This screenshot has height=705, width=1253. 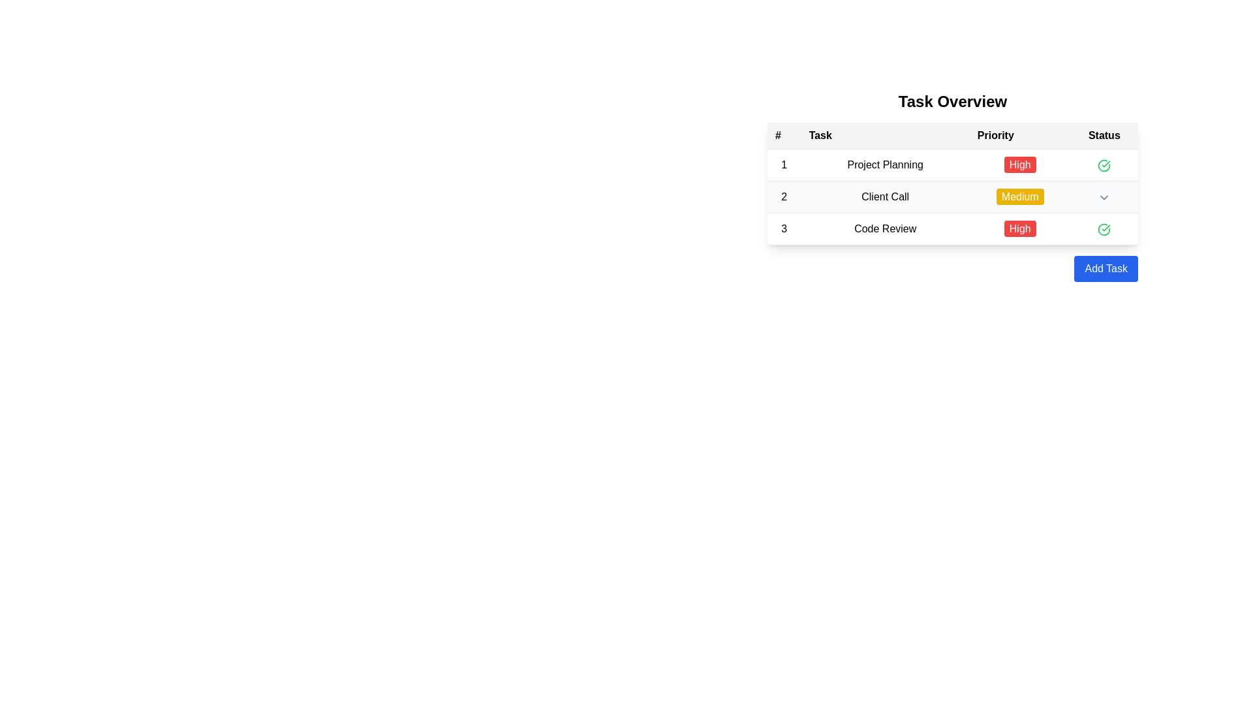 What do you see at coordinates (1019, 196) in the screenshot?
I see `the rectangular button with a yellow background labeled 'Medium' located in the 'Priority' column of row '2' under 'Task Overview'` at bounding box center [1019, 196].